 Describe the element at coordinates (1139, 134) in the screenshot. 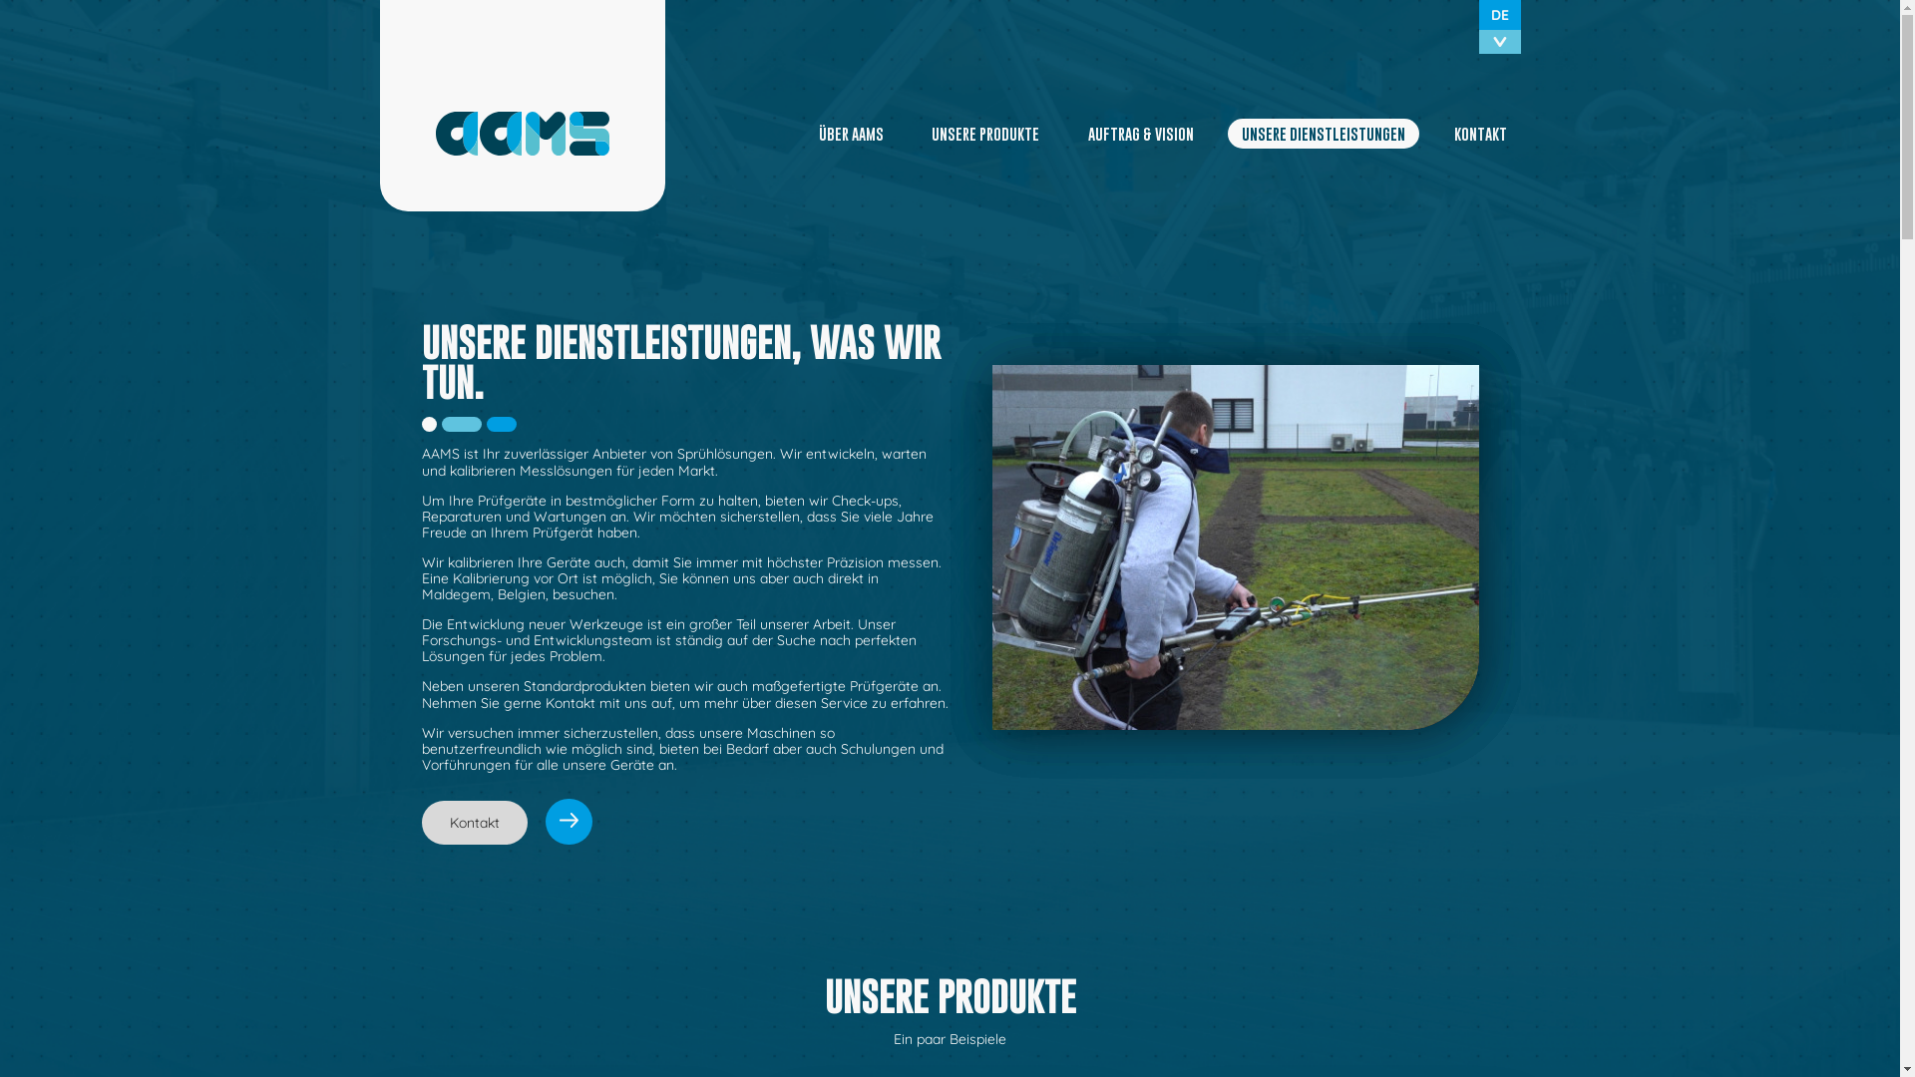

I see `'AUFTRAG & VISION'` at that location.